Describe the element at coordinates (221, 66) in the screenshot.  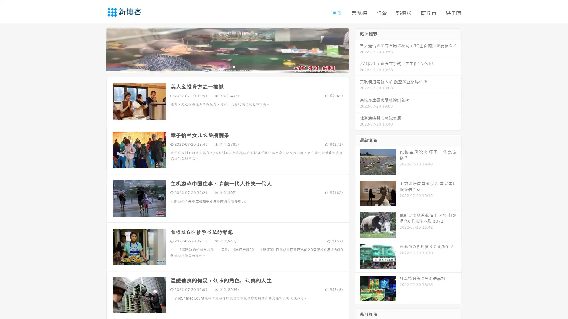
I see `Go to slide 1` at that location.